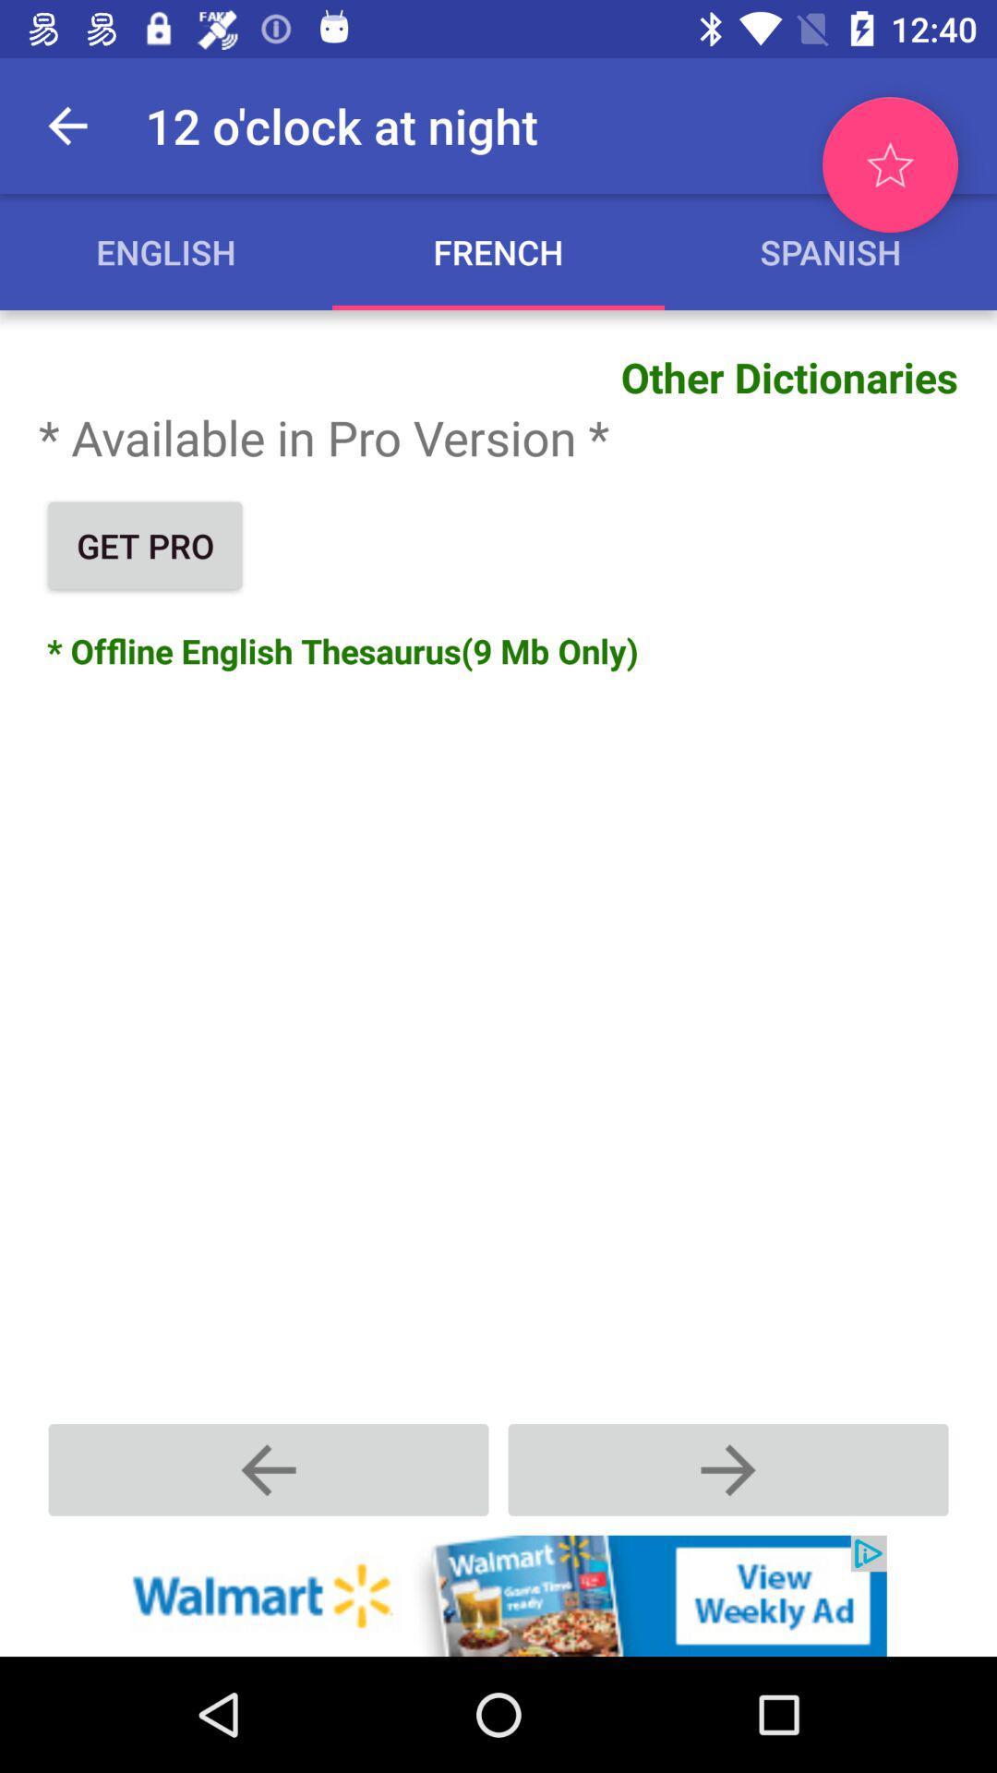 This screenshot has width=997, height=1773. Describe the element at coordinates (889, 164) in the screenshot. I see `to favorite` at that location.